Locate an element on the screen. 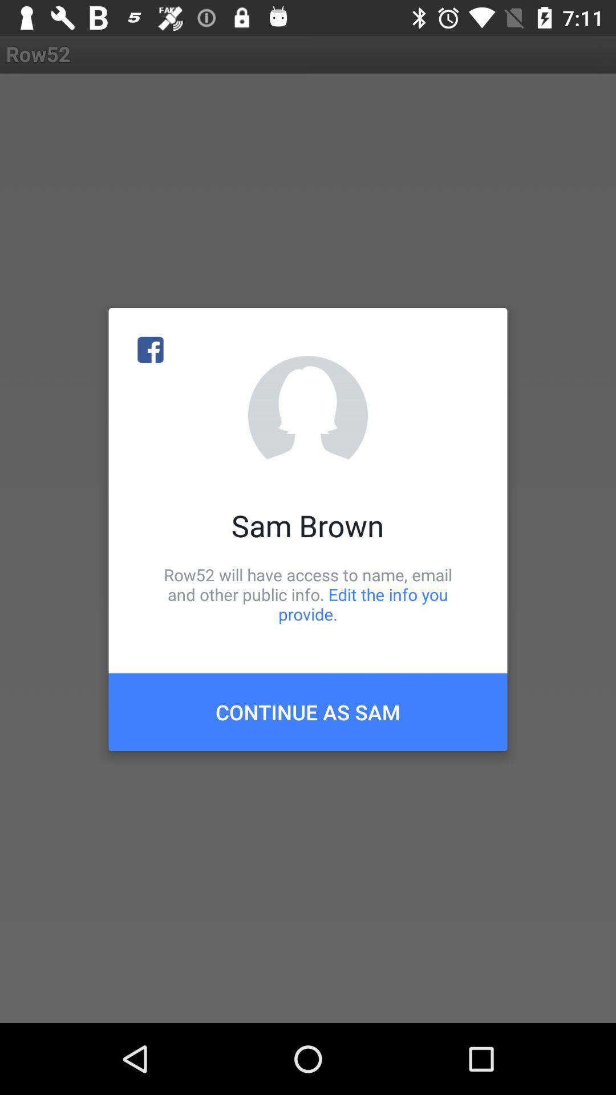 The image size is (616, 1095). item below the row52 will have icon is located at coordinates (308, 711).